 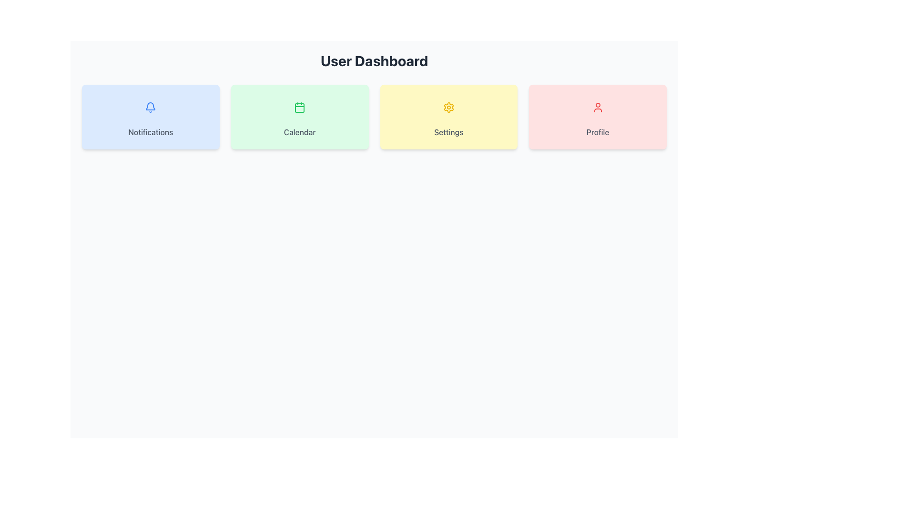 I want to click on the 'Profile' Icon located within the pink 'Profile' card, which is centrally aligned above the text label 'Profile', so click(x=597, y=107).